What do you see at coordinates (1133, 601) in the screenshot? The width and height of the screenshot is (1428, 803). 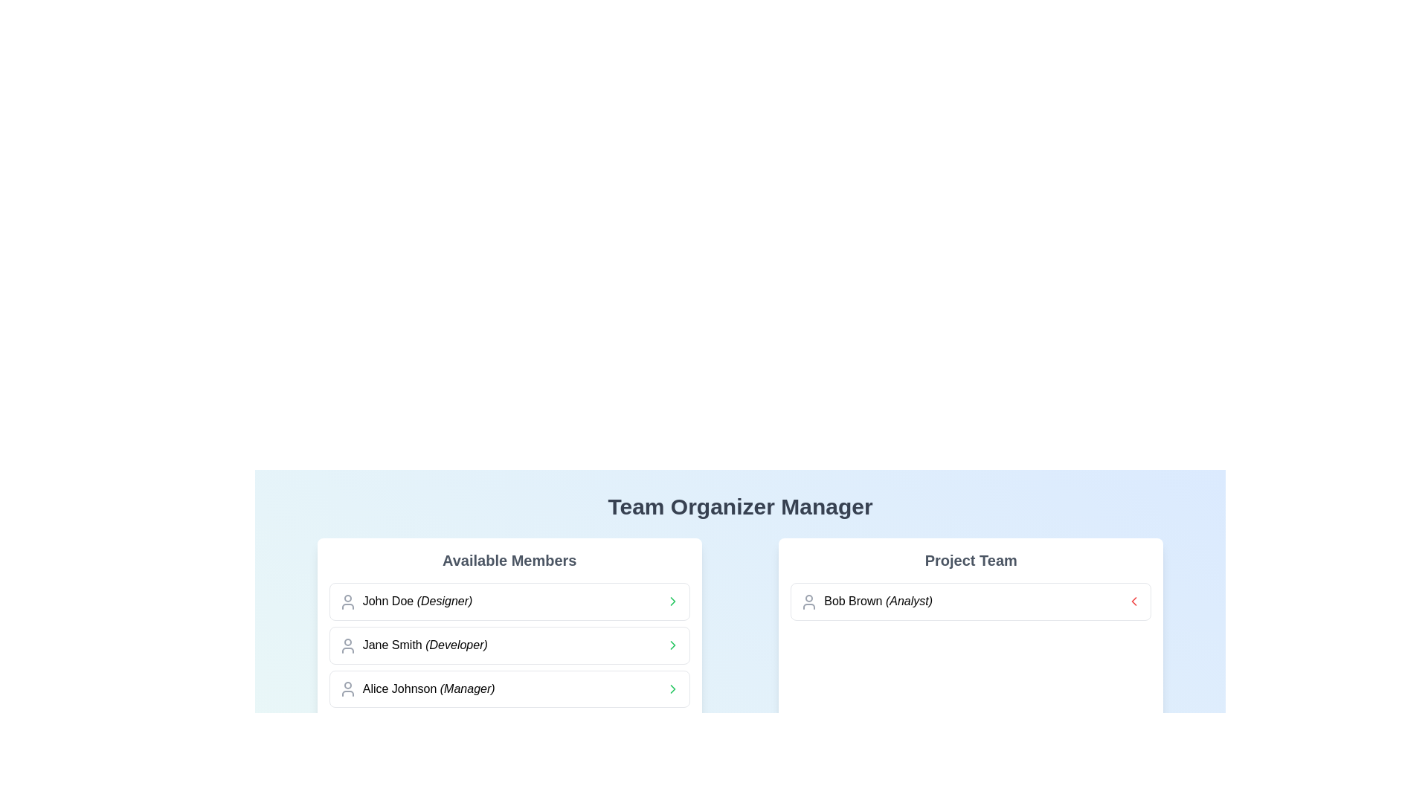 I see `the left-pointing chevron icon in the 'Project Team' card for team member 'Bob Brown (Analyst)'` at bounding box center [1133, 601].